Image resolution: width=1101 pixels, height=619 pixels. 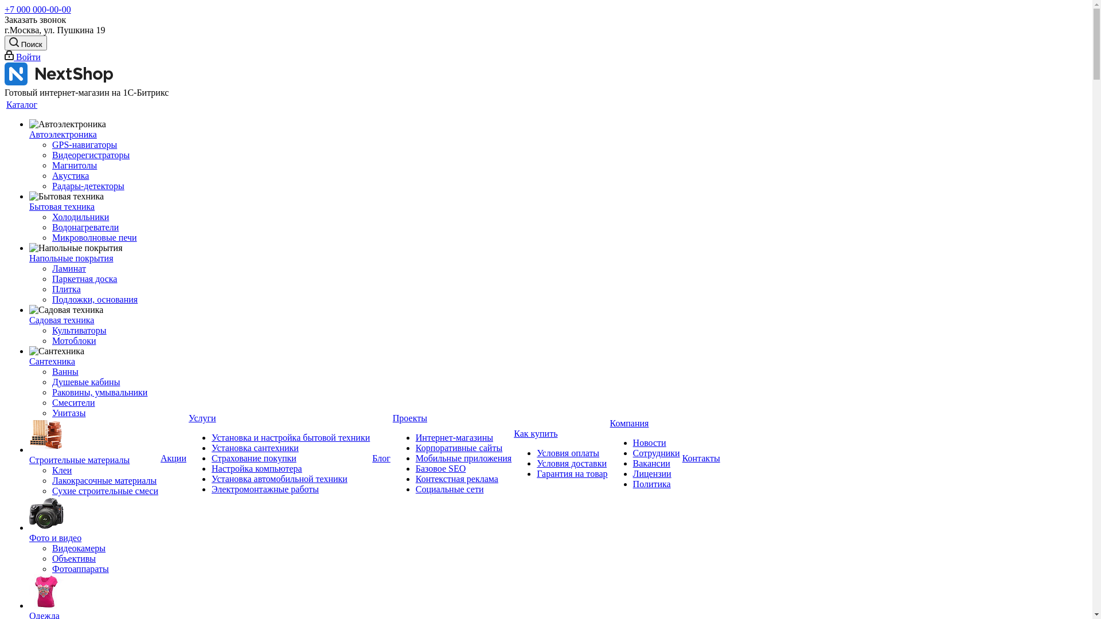 I want to click on '+7 000 000-00-00', so click(x=38, y=9).